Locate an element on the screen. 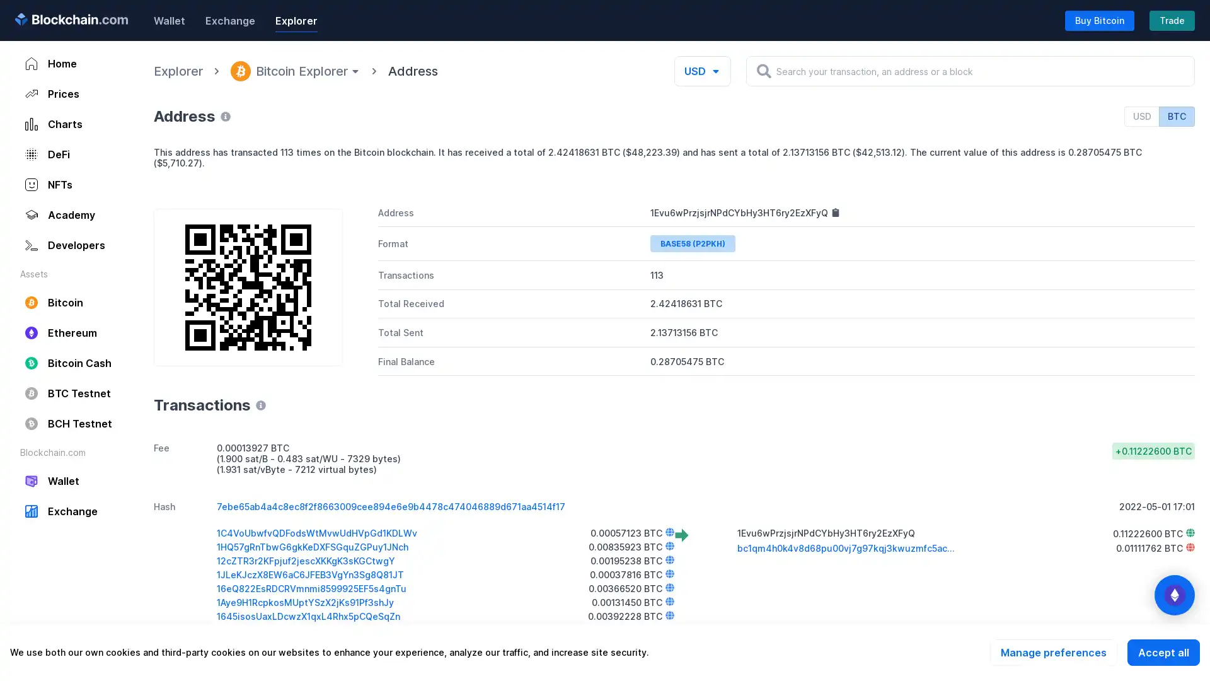 The image size is (1210, 681). Buy Bitcoin is located at coordinates (1099, 20).